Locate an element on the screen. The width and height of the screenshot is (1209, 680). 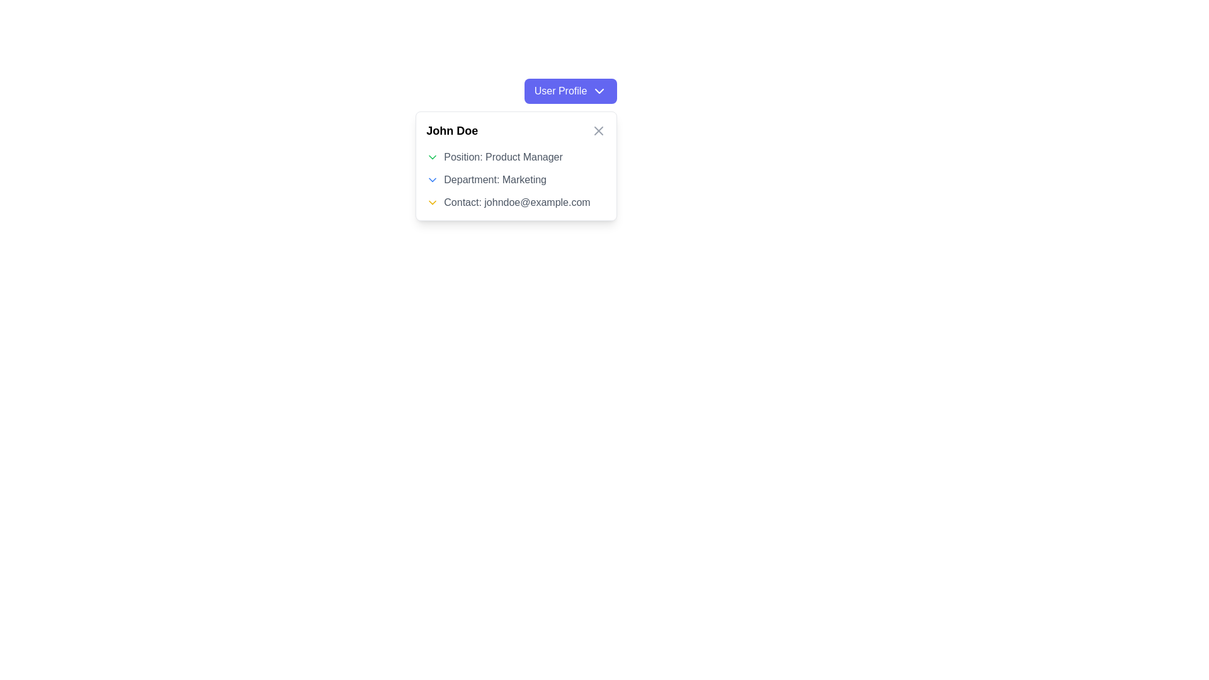
contact information displayed in the text label 'Contact:' which shows the email address 'johndoe@example.com' accompanied by a yellow downward triangle icon is located at coordinates (516, 201).